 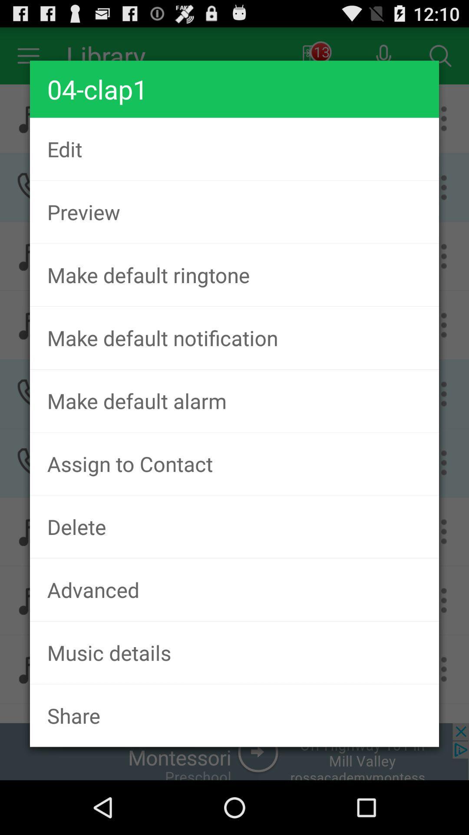 I want to click on the icon below make default alarm, so click(x=234, y=463).